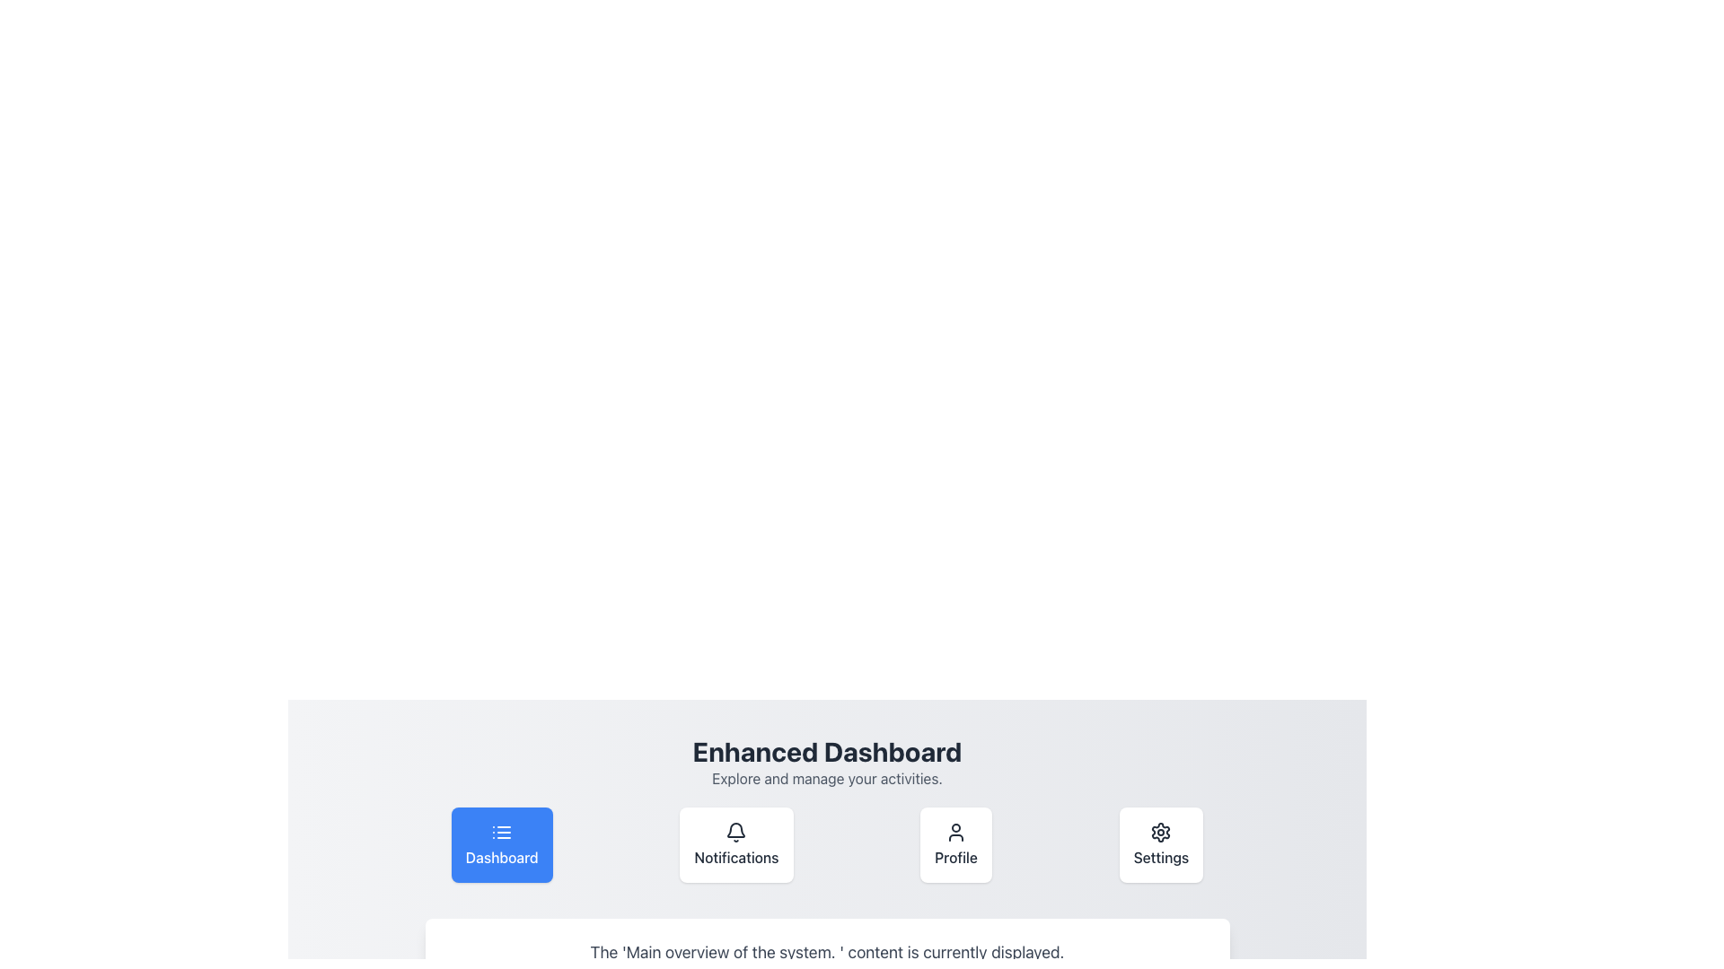  Describe the element at coordinates (1160, 833) in the screenshot. I see `the settings icon located at the bottom-right of the interface, adjacent to the 'Profile' option` at that location.